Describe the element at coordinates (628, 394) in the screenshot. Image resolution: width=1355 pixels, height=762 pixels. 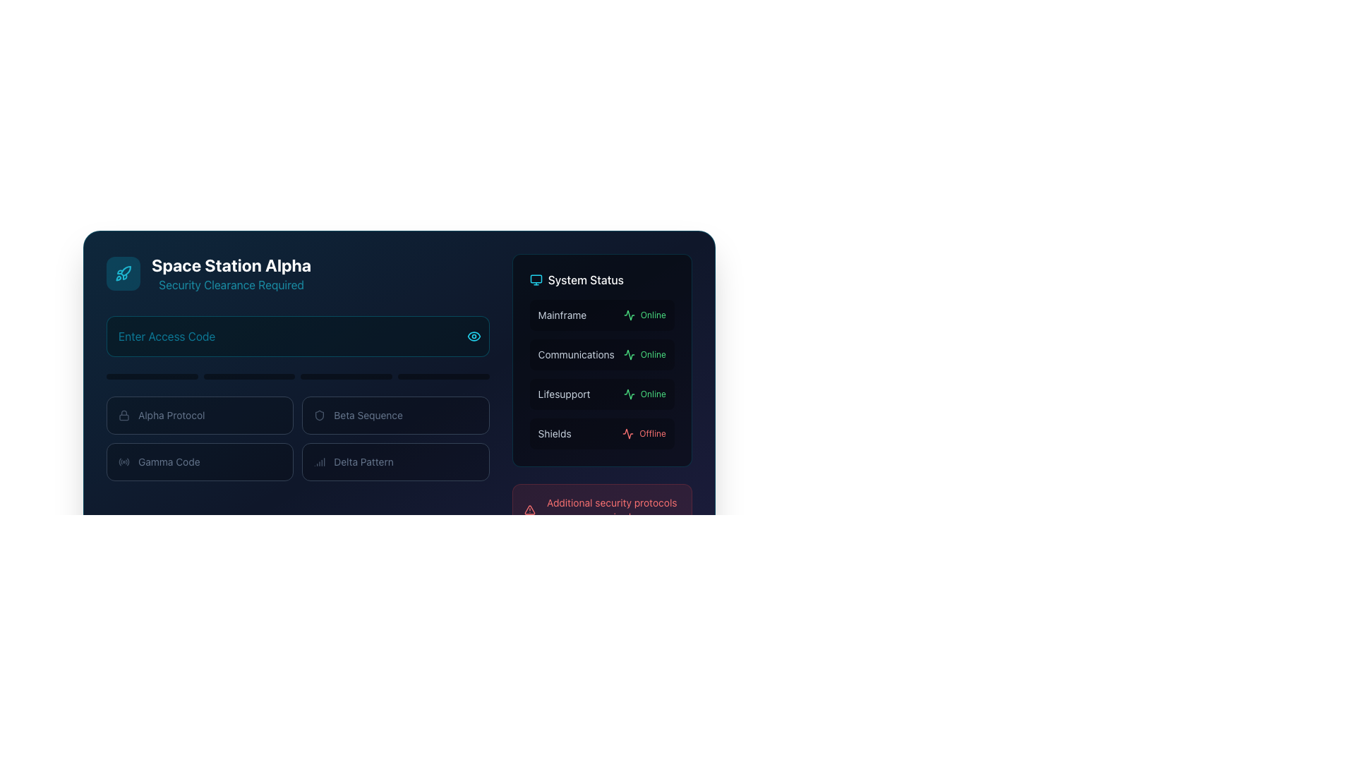
I see `the signal waveform icon in the 'System Status' panel associated with the 'Mainframe' status label to gather information about the system status` at that location.